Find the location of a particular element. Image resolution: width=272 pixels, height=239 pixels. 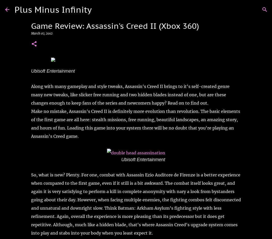

'March 07, 2012' is located at coordinates (42, 33).